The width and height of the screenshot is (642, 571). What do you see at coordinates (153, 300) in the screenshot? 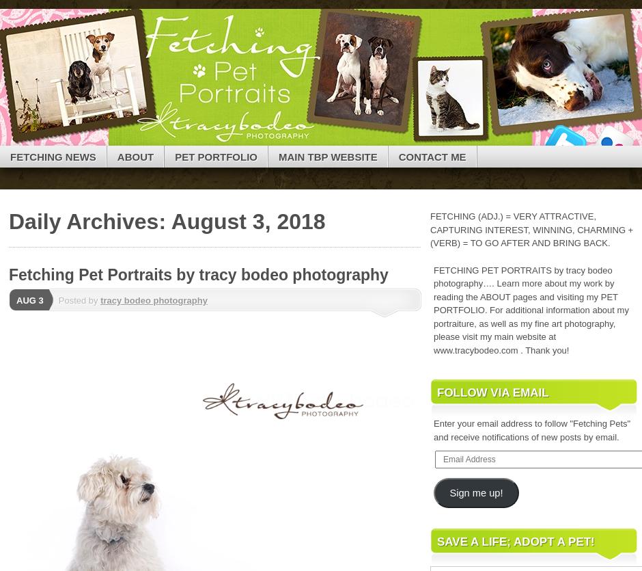
I see `'tracy bodeo photography'` at bounding box center [153, 300].